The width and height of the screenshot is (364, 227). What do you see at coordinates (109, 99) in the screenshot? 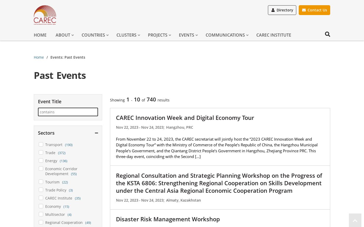
I see `'Showing'` at bounding box center [109, 99].